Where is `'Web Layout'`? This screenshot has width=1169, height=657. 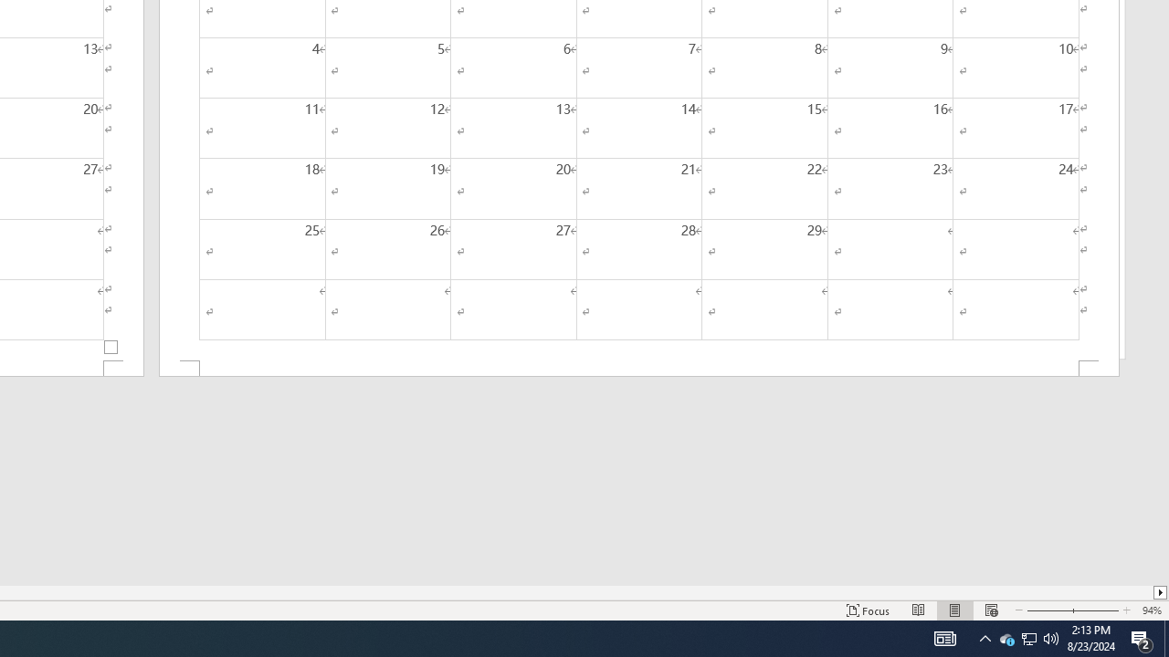 'Web Layout' is located at coordinates (991, 610).